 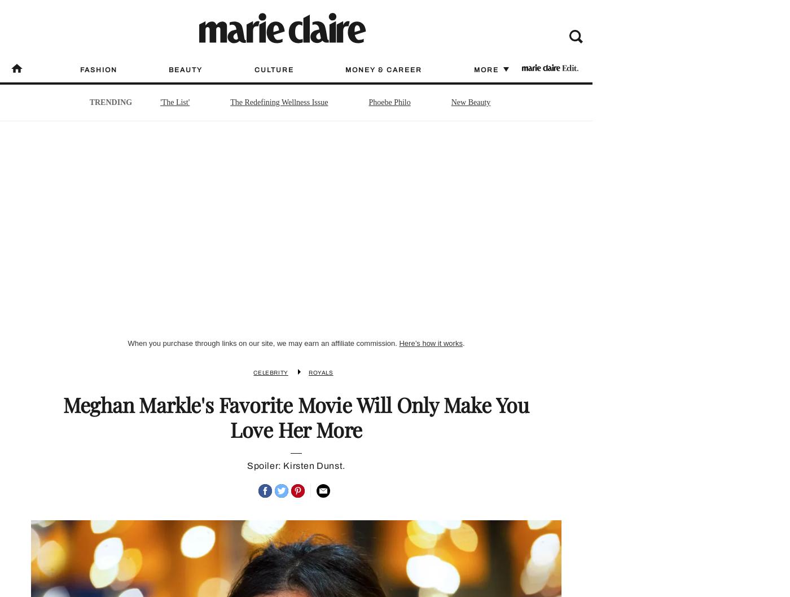 What do you see at coordinates (473, 69) in the screenshot?
I see `'More'` at bounding box center [473, 69].